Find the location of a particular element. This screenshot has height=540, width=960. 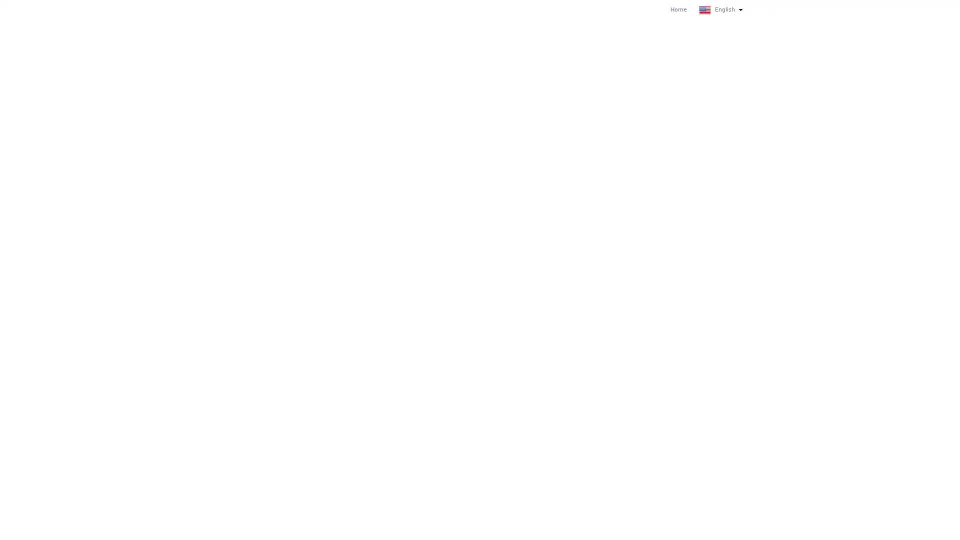

Opens password pop-up is located at coordinates (338, 211).